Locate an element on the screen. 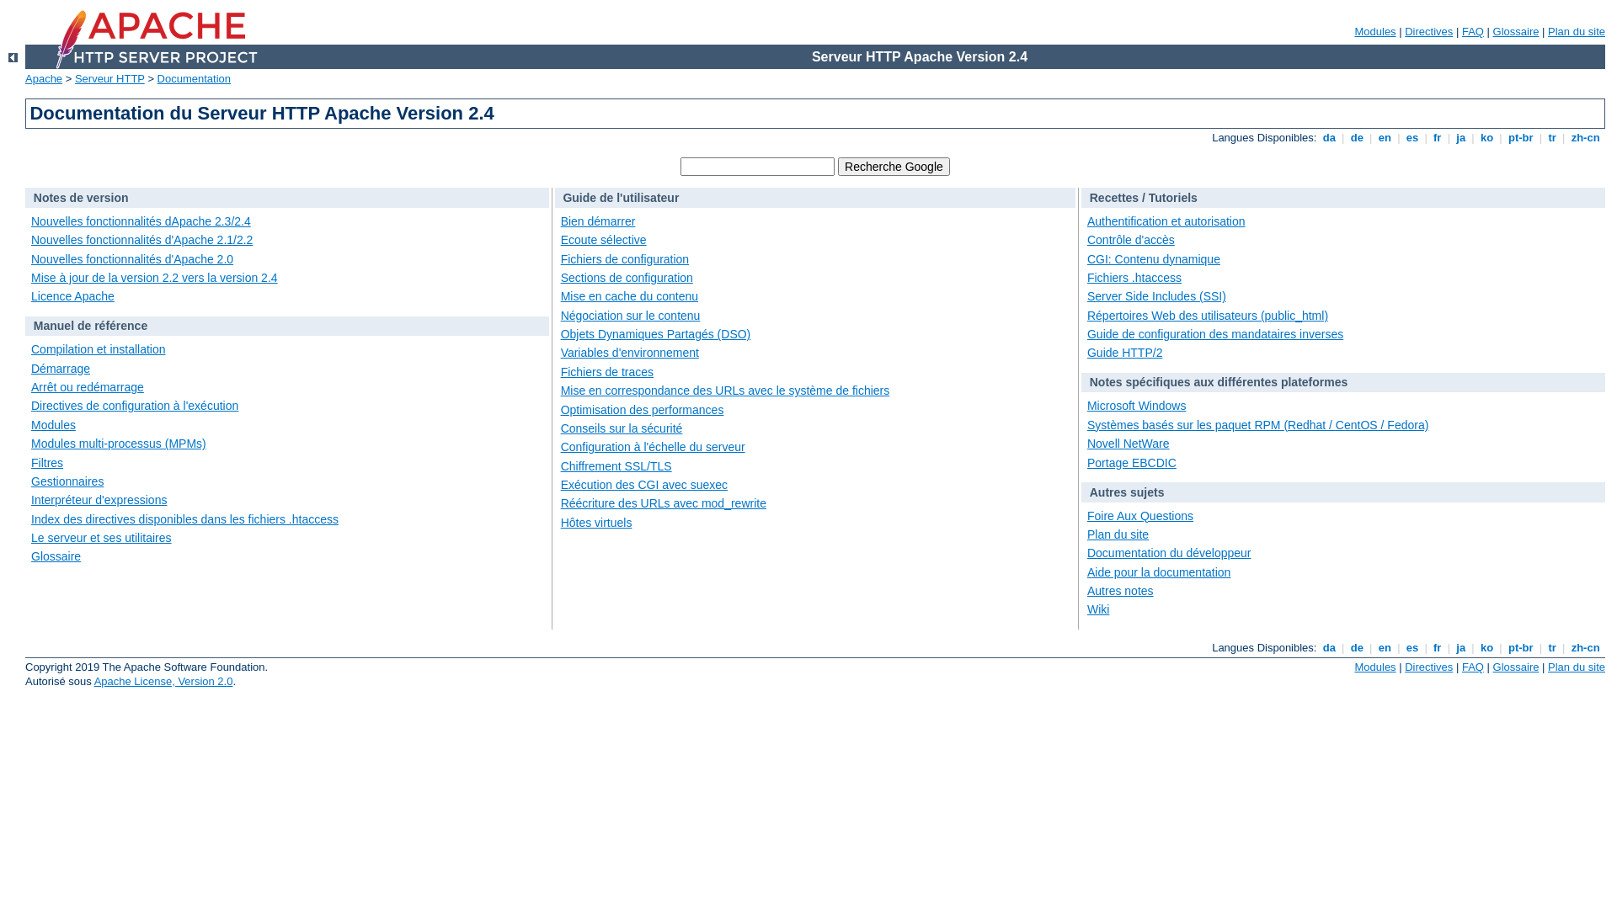  'Fichiers .htaccess' is located at coordinates (1134, 277).